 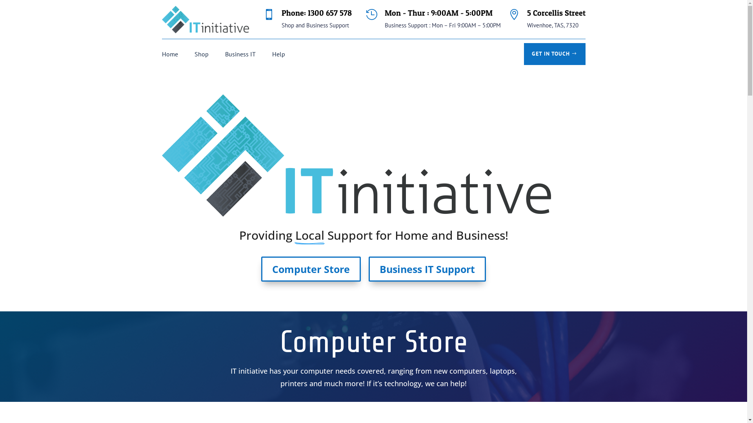 I want to click on 'GET IN TOUCH', so click(x=554, y=54).